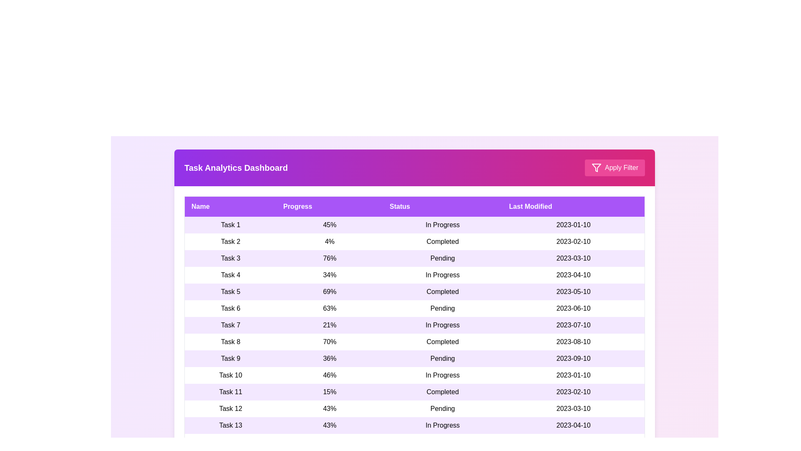 This screenshot has height=451, width=801. I want to click on the column header Last Modified to sort the table by that column, so click(573, 206).